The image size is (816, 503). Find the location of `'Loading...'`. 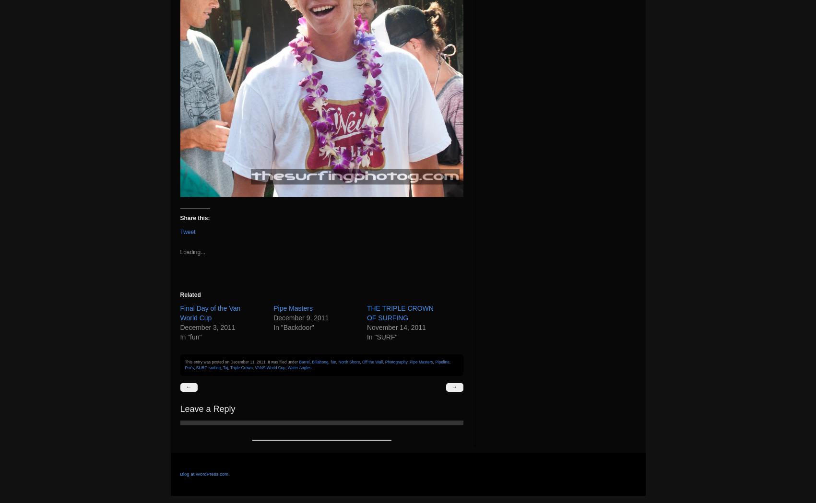

'Loading...' is located at coordinates (192, 251).